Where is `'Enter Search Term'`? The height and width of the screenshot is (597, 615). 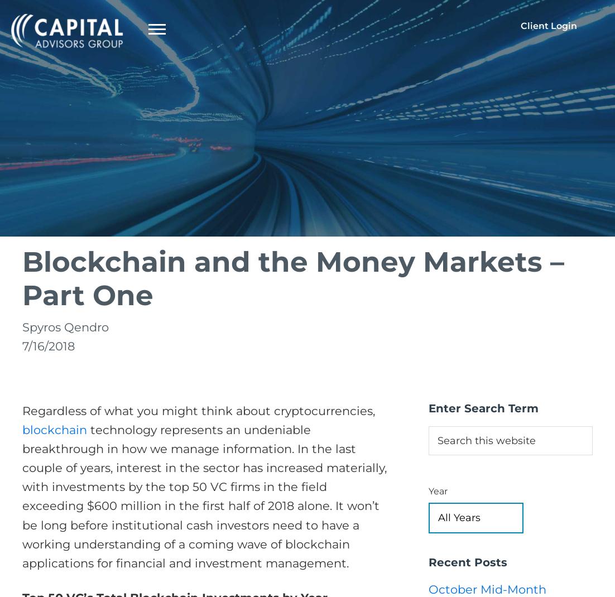 'Enter Search Term' is located at coordinates (483, 407).